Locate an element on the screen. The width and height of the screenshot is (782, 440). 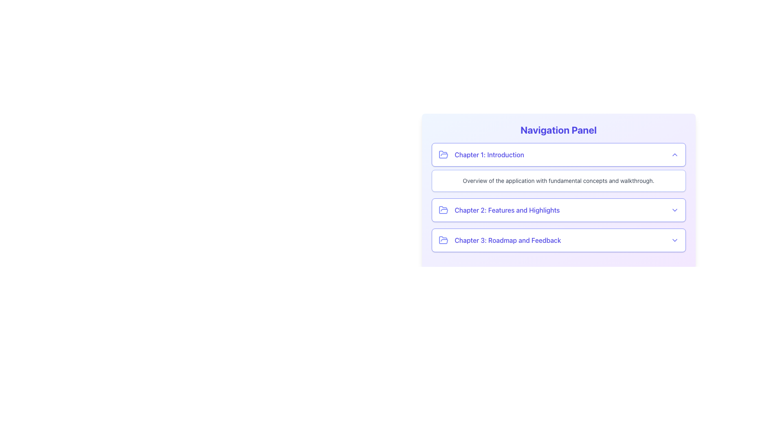
the folder icon associated with 'Chapter 3: Roadmap and Feedback' located in the Navigation Panel is located at coordinates (443, 240).